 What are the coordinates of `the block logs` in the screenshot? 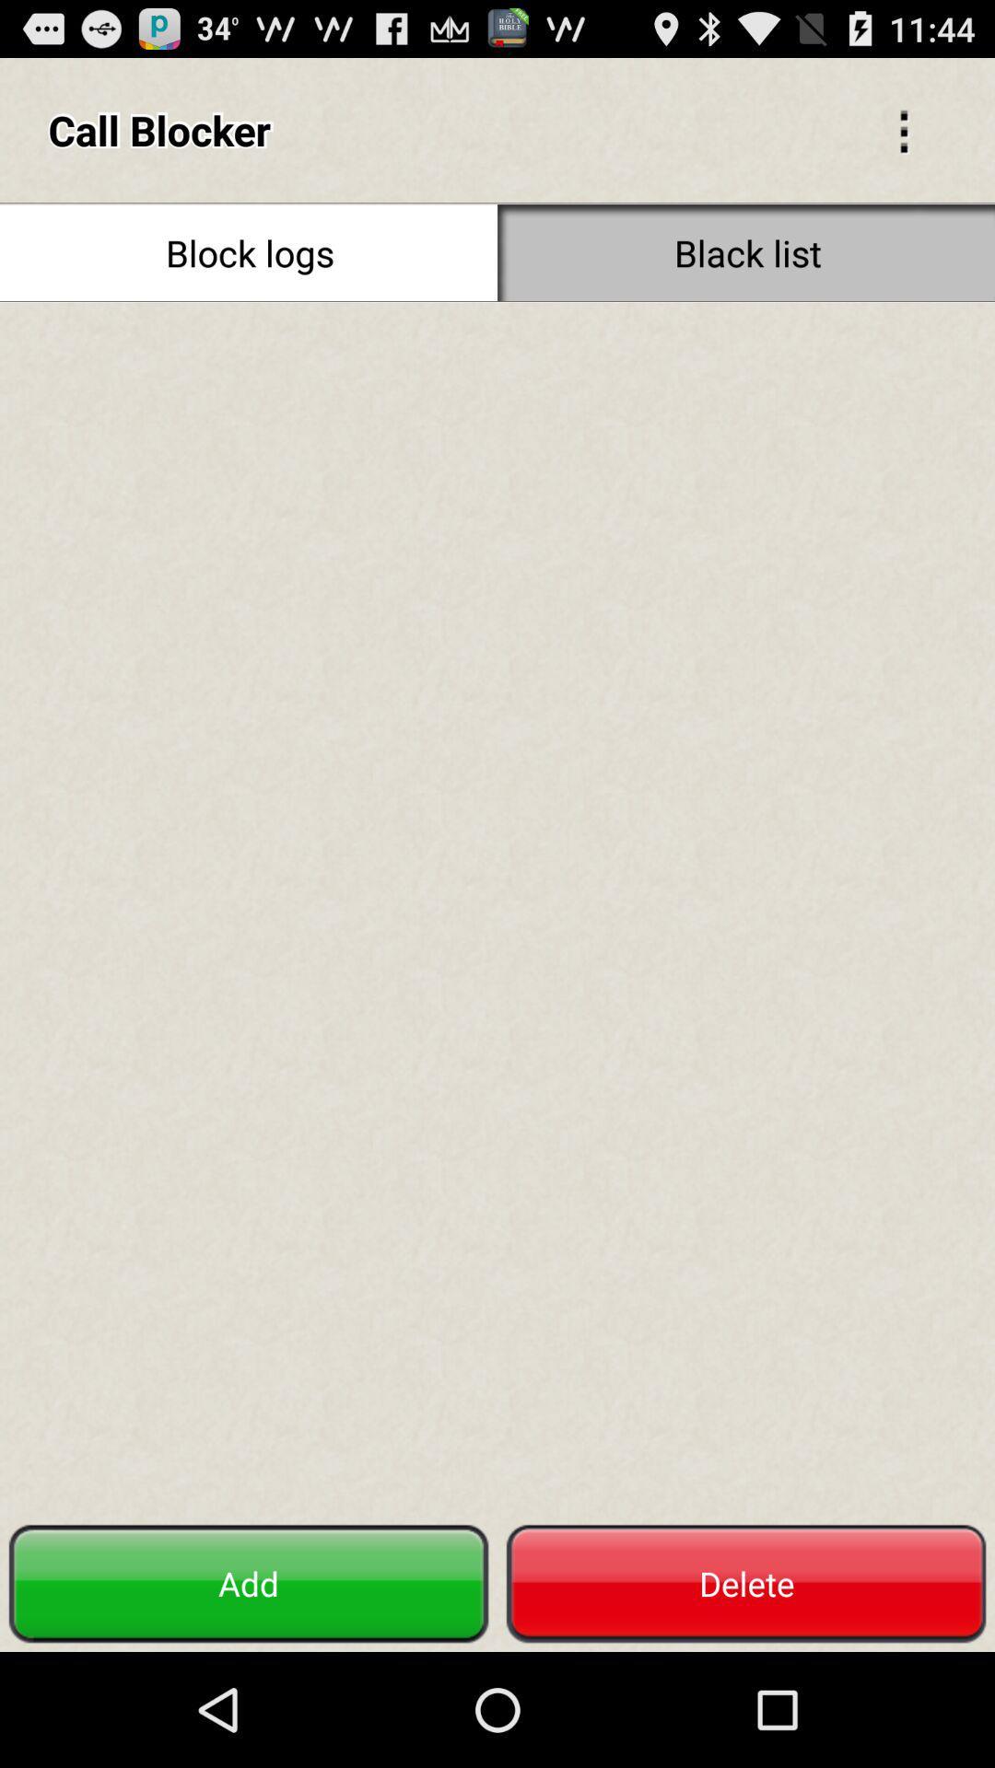 It's located at (249, 251).